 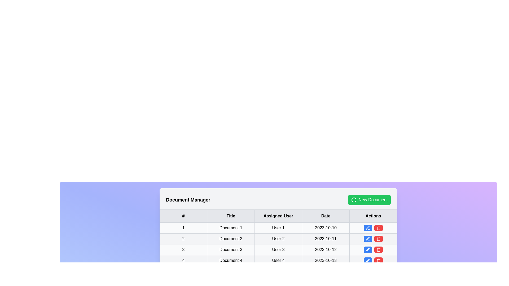 What do you see at coordinates (378, 227) in the screenshot?
I see `the delete button located in the 'Actions' column of the data table, which is the second button in the row and positioned next to a blue edit button` at bounding box center [378, 227].